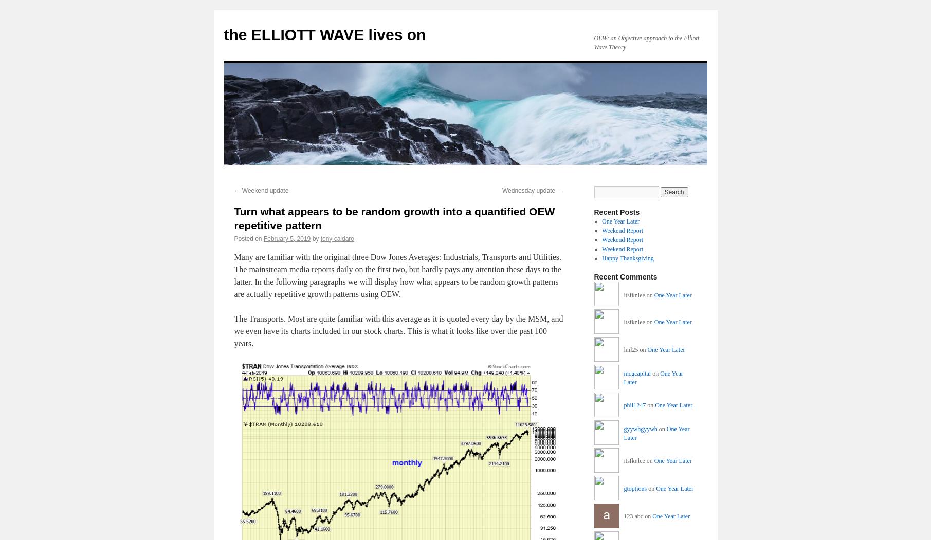 The width and height of the screenshot is (931, 540). What do you see at coordinates (627, 258) in the screenshot?
I see `'Happy Thanksgiving'` at bounding box center [627, 258].